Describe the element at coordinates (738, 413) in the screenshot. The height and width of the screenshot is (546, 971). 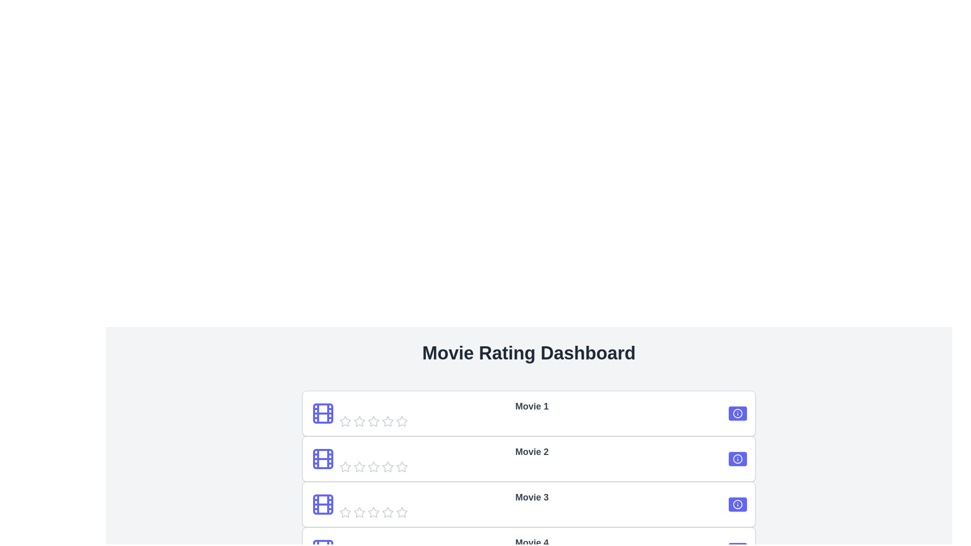
I see `the information icon of the first movie to view its details` at that location.